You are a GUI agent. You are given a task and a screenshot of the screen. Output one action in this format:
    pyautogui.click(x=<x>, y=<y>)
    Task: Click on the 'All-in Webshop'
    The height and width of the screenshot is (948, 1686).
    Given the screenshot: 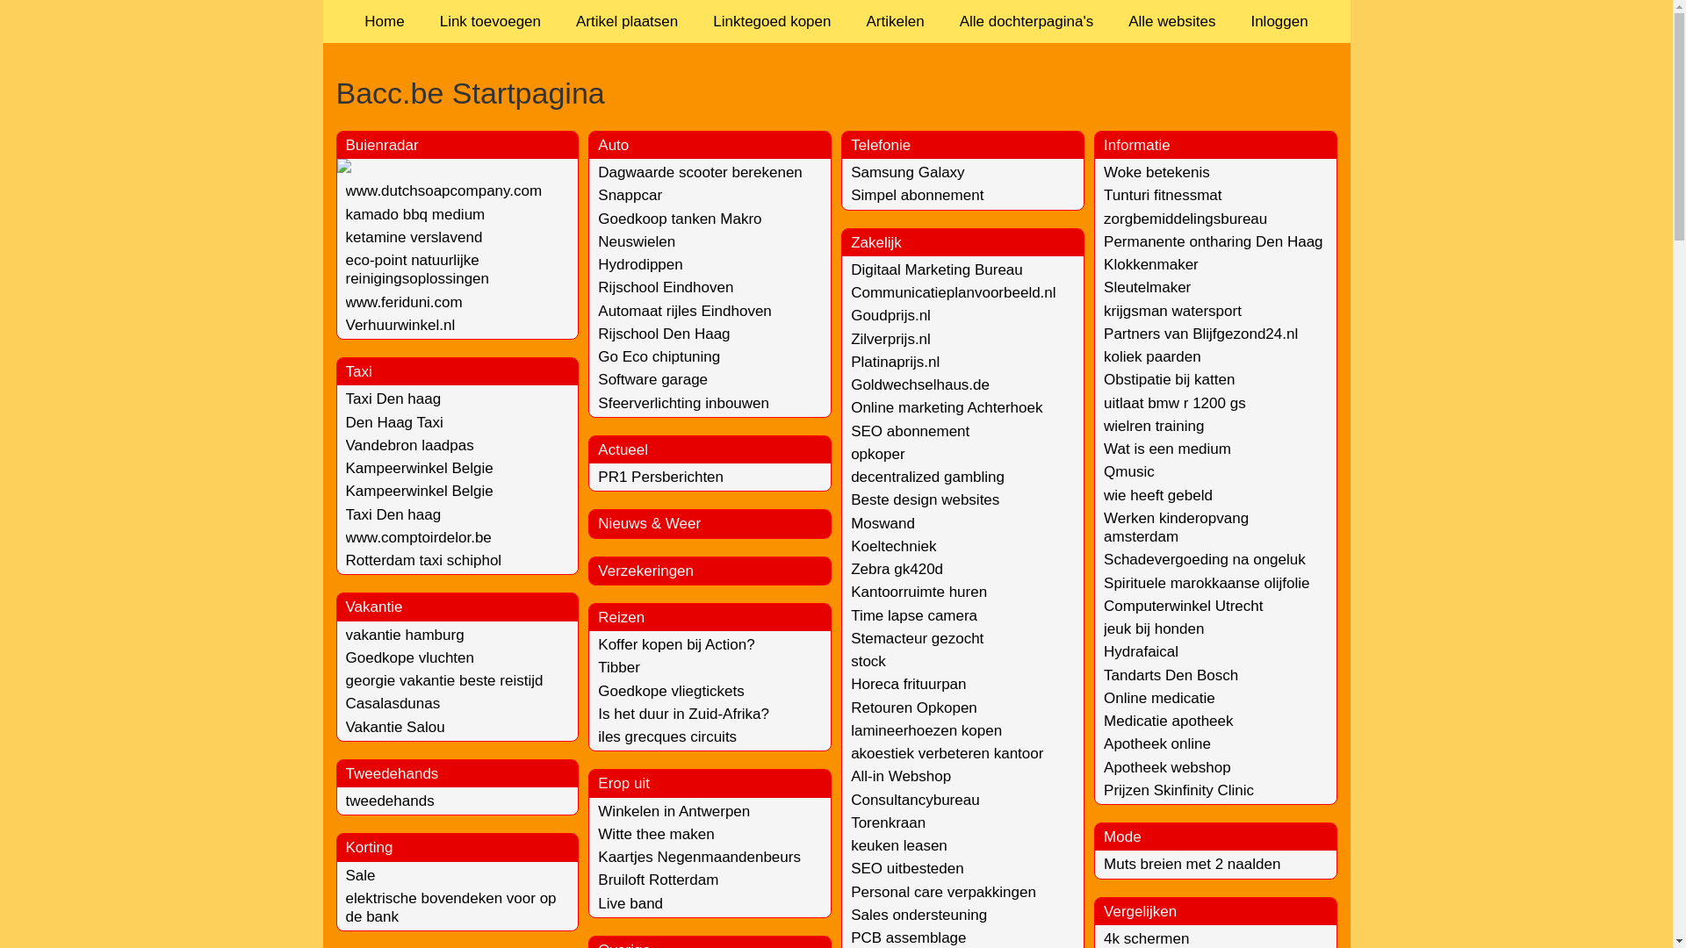 What is the action you would take?
    pyautogui.click(x=901, y=775)
    